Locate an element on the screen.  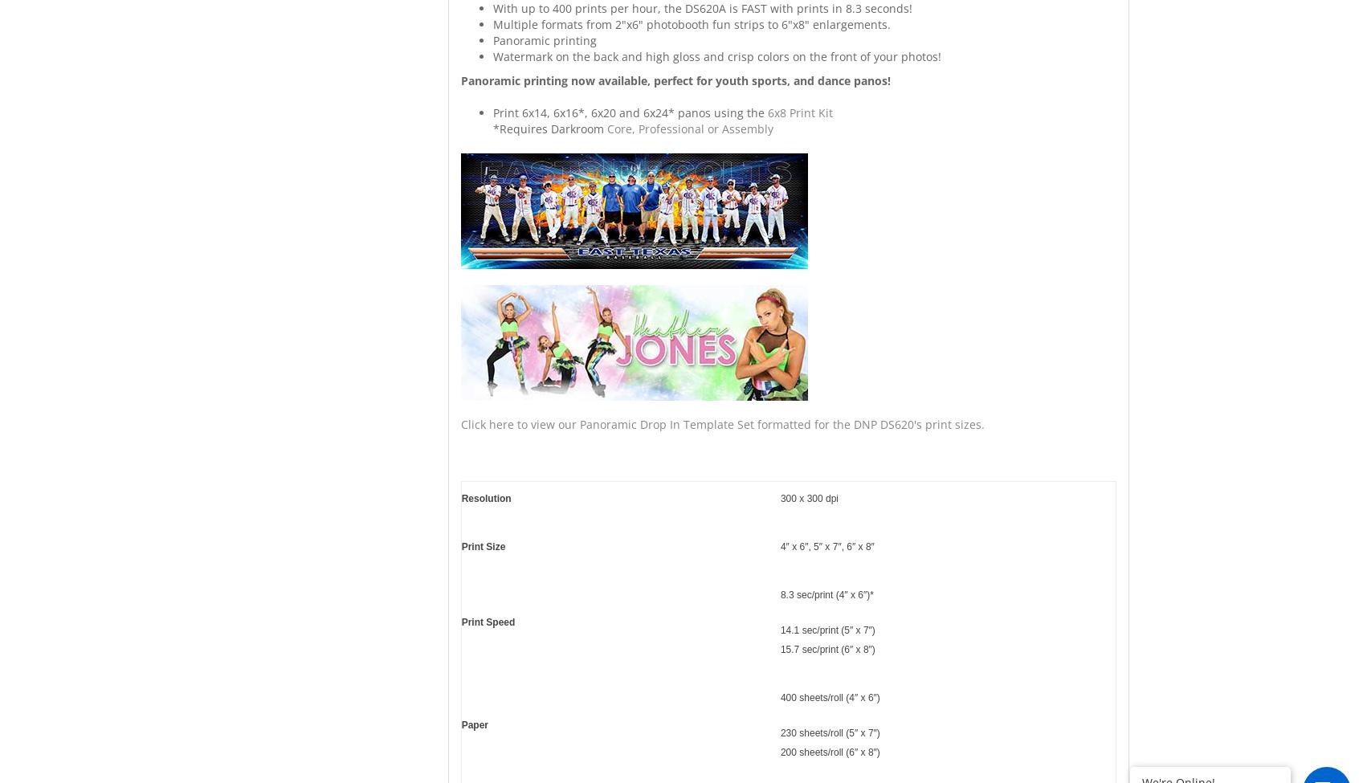
'400 sheets/roll (4″ x 6″)' is located at coordinates (828, 698).